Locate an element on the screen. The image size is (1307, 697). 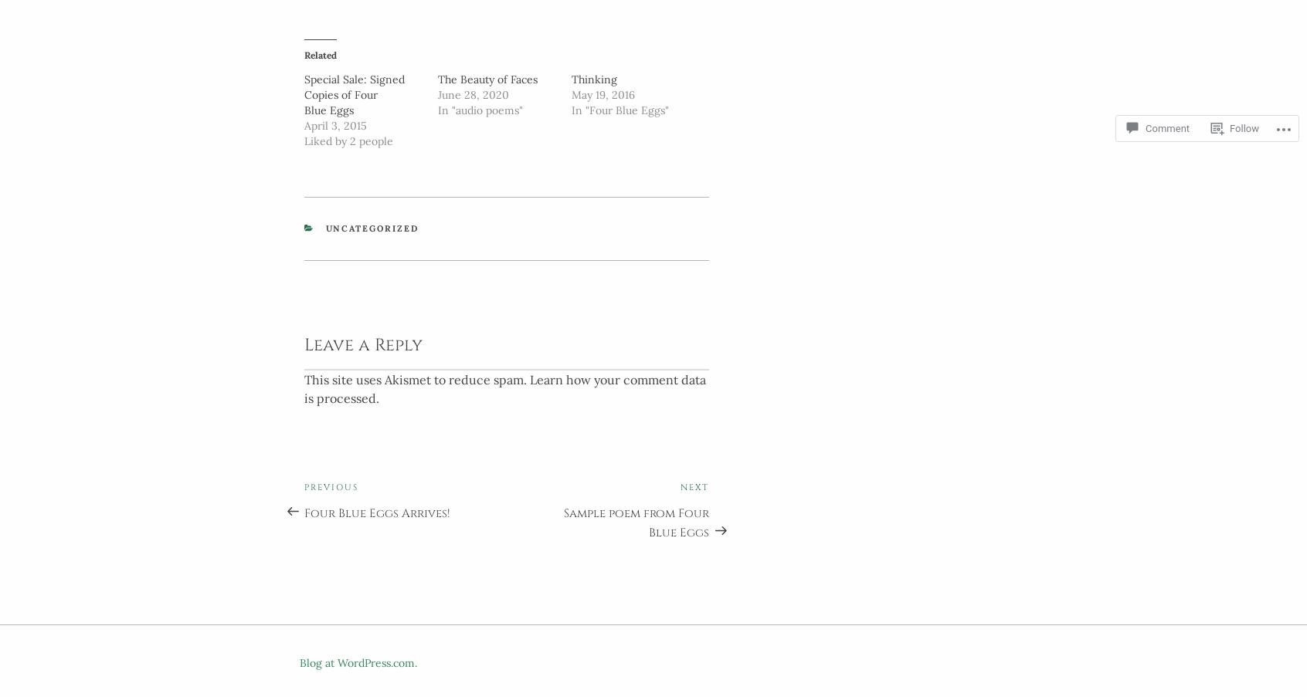
'Four Blue Eggs Arrives!' is located at coordinates (375, 508).